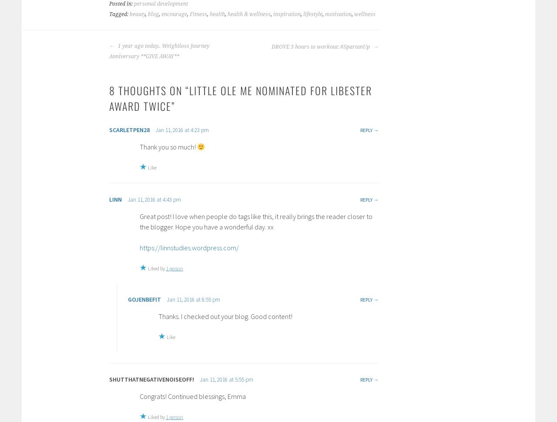  I want to click on 'health', so click(217, 14).